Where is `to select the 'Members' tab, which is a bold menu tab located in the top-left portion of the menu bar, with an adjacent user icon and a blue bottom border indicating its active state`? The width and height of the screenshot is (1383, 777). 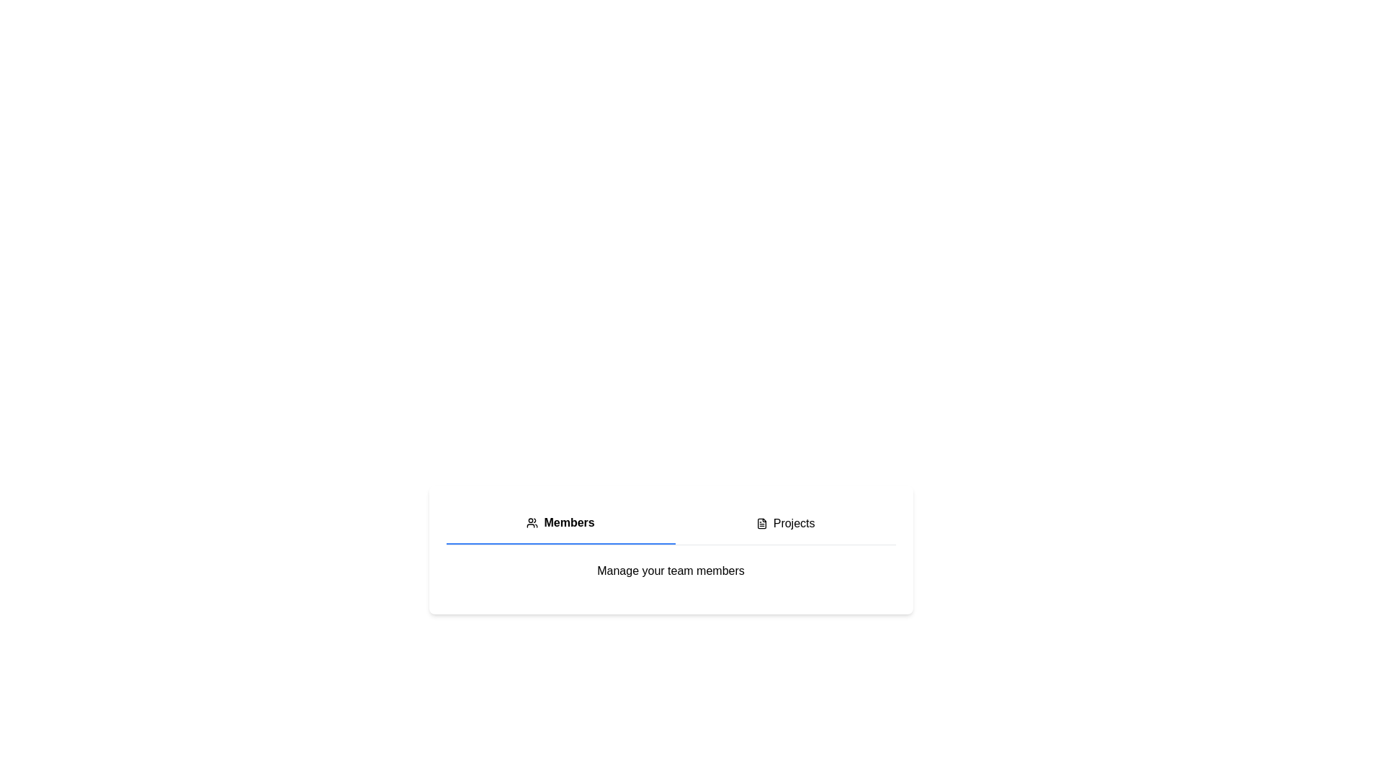 to select the 'Members' tab, which is a bold menu tab located in the top-left portion of the menu bar, with an adjacent user icon and a blue bottom border indicating its active state is located at coordinates (560, 524).